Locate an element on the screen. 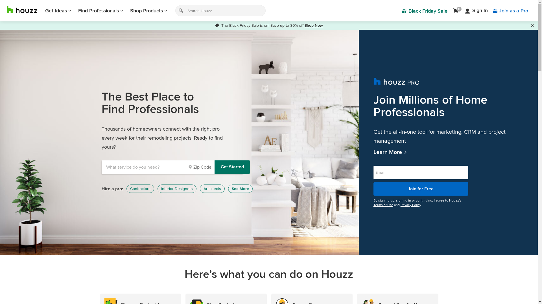  'See More' is located at coordinates (240, 189).